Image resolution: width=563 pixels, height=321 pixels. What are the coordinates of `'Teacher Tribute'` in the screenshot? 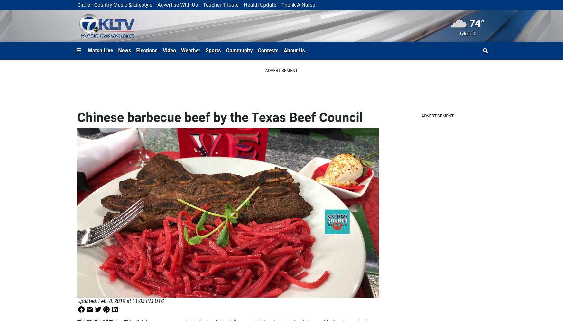 It's located at (203, 5).